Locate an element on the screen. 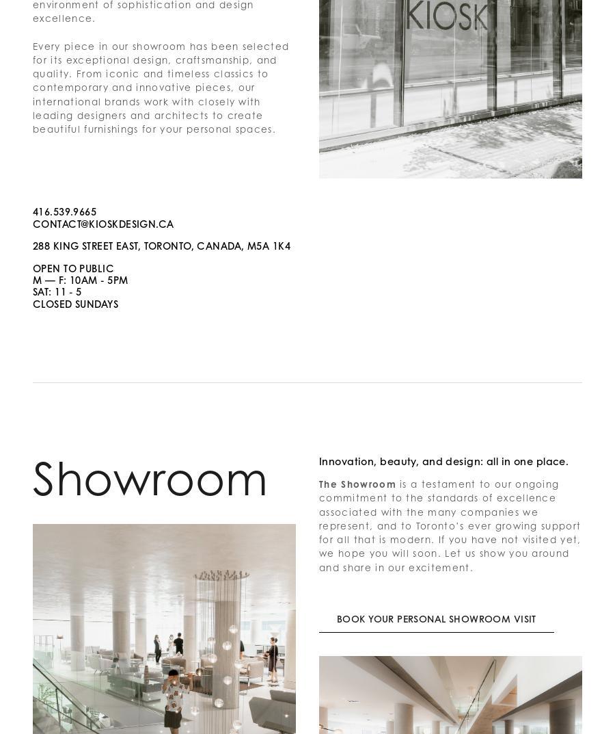 The image size is (615, 734). 'M — F: 10AM - 5PM' is located at coordinates (80, 279).